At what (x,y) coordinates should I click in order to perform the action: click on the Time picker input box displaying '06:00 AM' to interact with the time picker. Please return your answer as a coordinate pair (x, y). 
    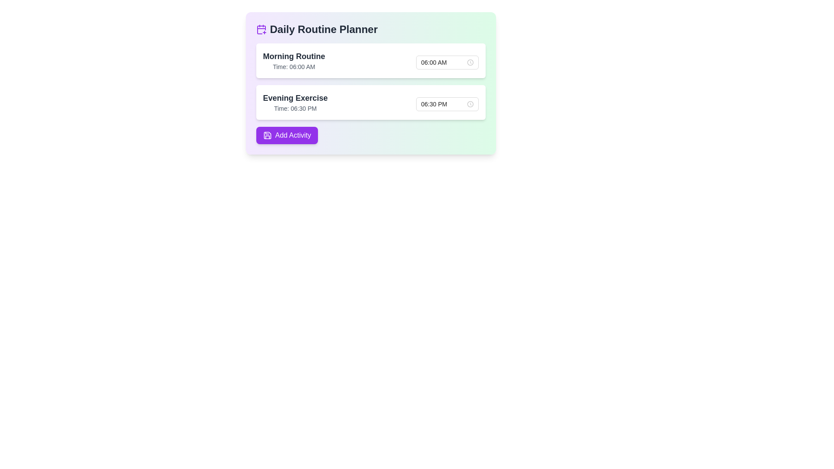
    Looking at the image, I should click on (447, 62).